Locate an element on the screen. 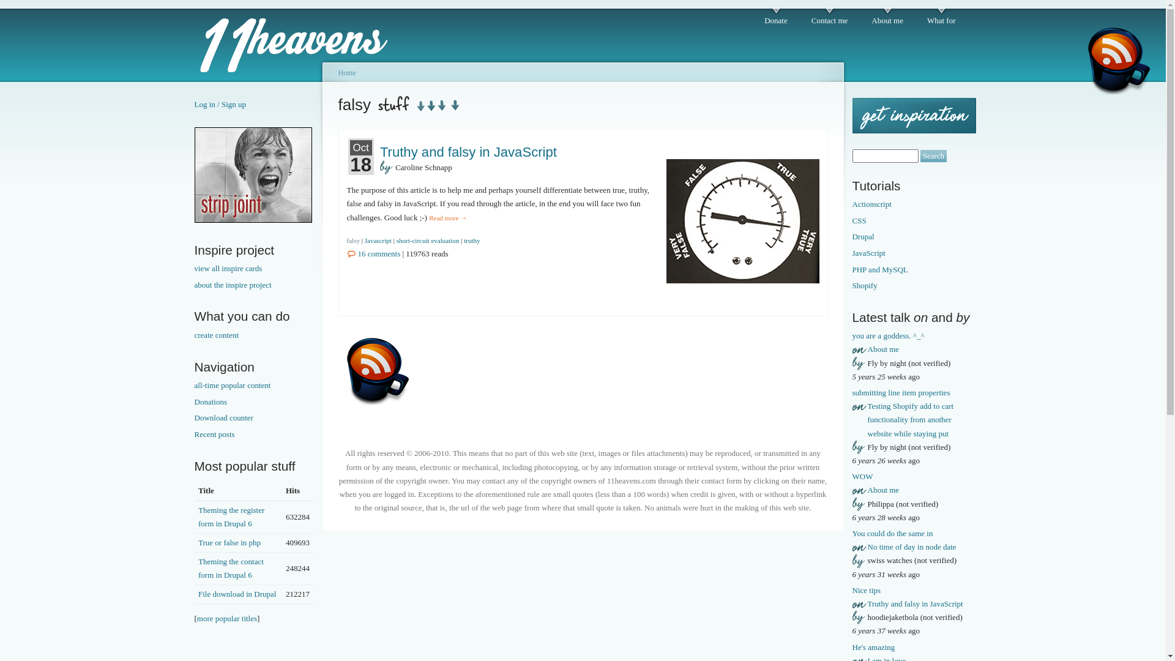 The image size is (1175, 661). 'Theming the contact form in Drupal 6' is located at coordinates (231, 568).